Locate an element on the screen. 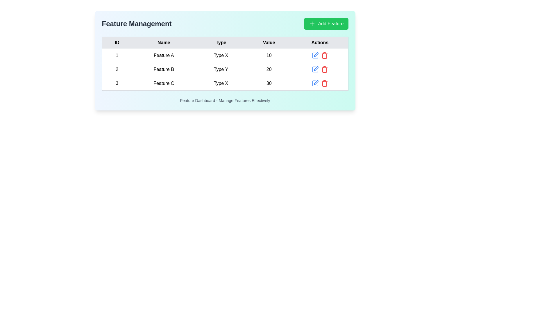 This screenshot has height=314, width=558. the pencil-shaped icon in the 'Actions' column of the second row is located at coordinates (316, 68).